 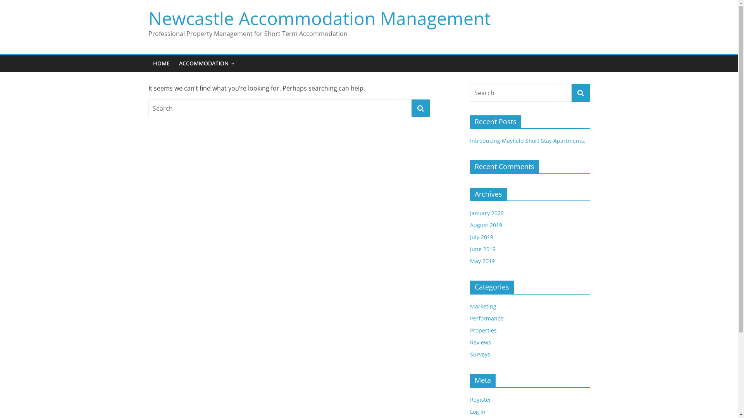 What do you see at coordinates (481, 261) in the screenshot?
I see `'May 2019'` at bounding box center [481, 261].